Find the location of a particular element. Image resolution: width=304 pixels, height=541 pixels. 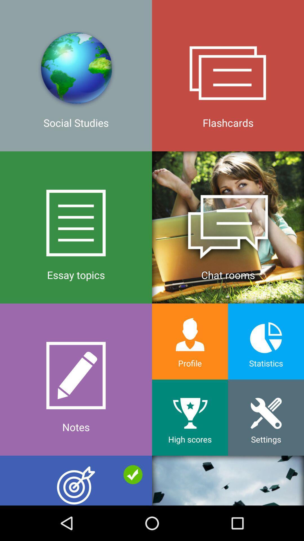

the profile is located at coordinates (190, 341).